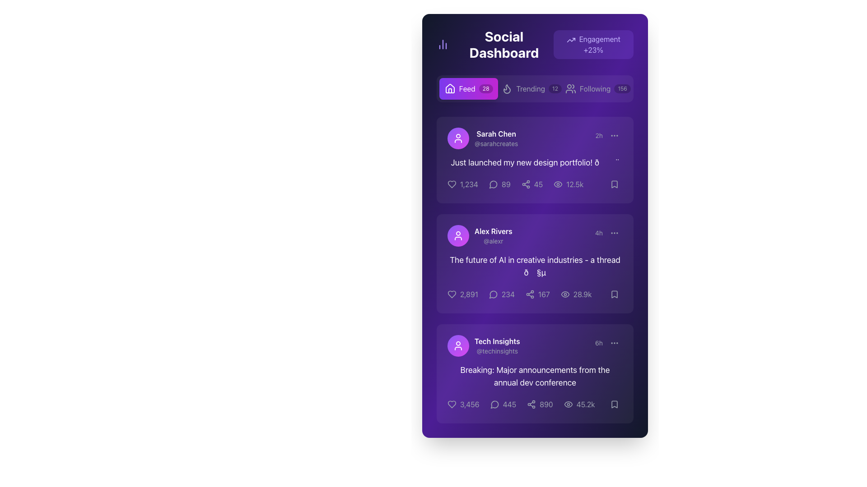 The width and height of the screenshot is (867, 487). Describe the element at coordinates (595, 88) in the screenshot. I see `the clickable text label displaying 'Following' in light gray on a dark purple background in the top navigation menu` at that location.